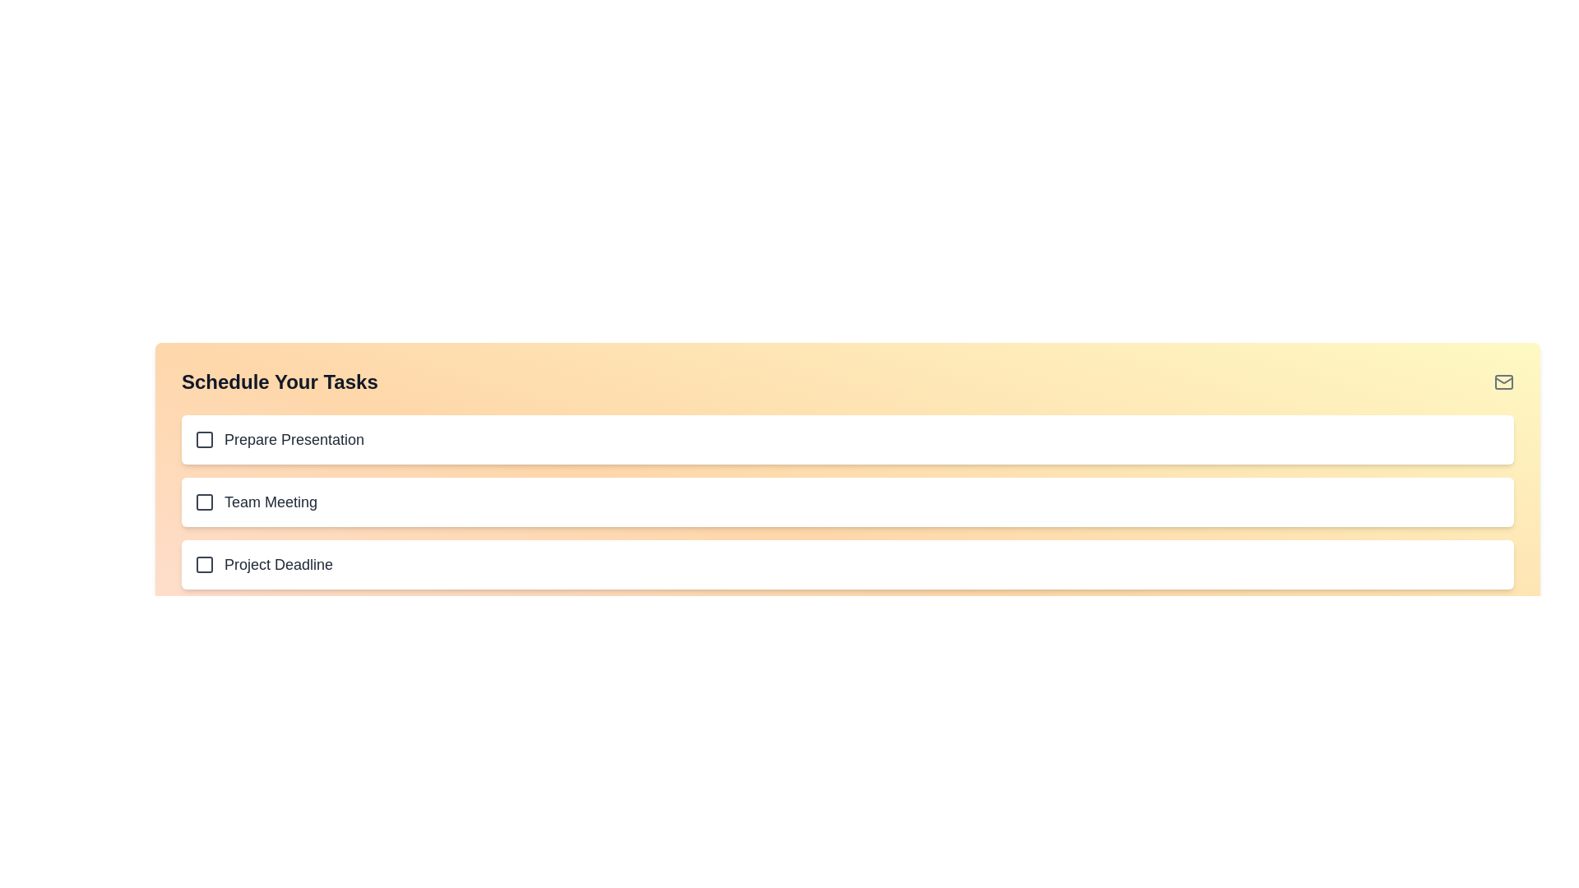  Describe the element at coordinates (1503, 382) in the screenshot. I see `the envelope icon in the top-right corner of the 'Schedule Your Tasks' section` at that location.